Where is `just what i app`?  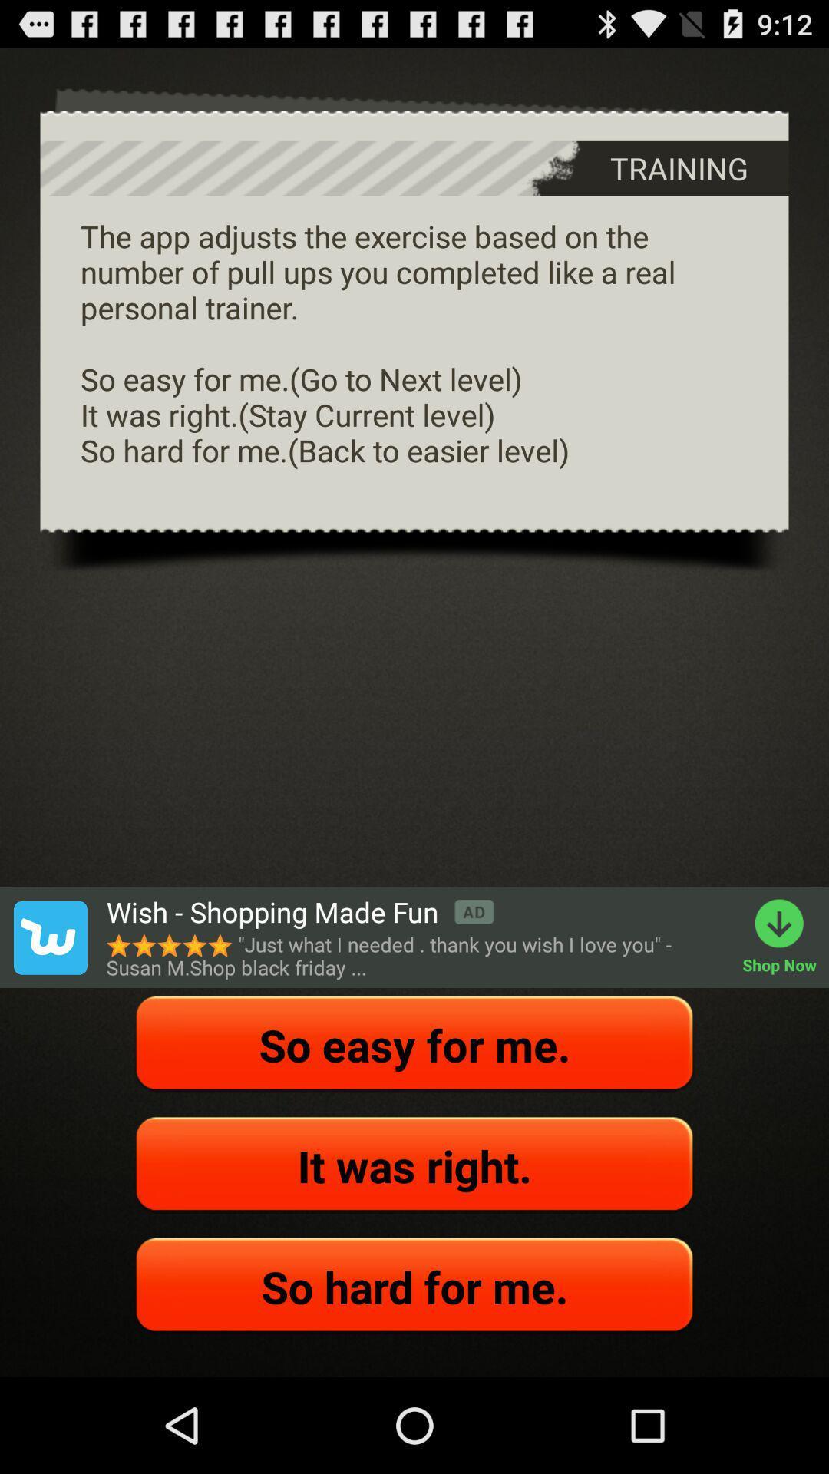
just what i app is located at coordinates (416, 955).